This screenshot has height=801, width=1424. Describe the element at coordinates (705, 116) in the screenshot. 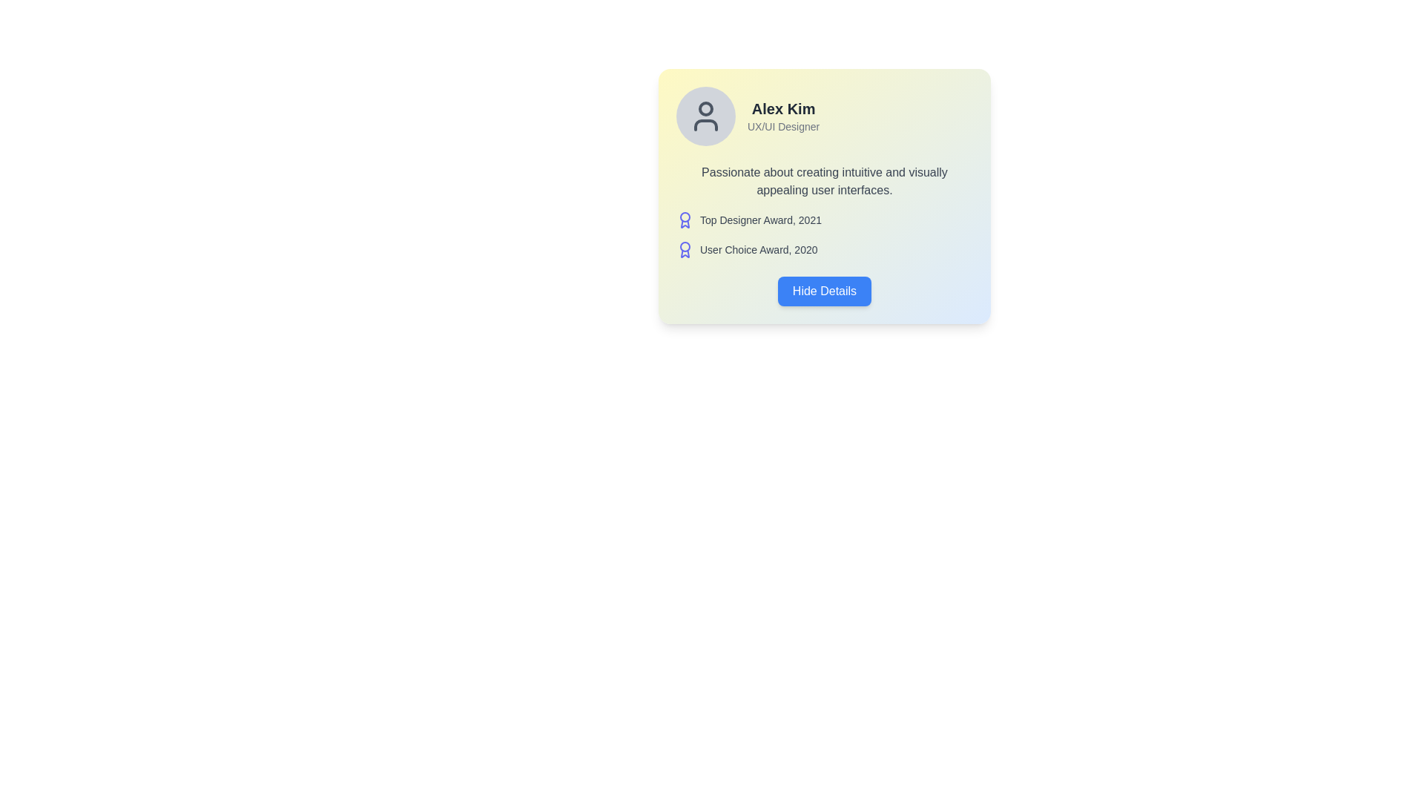

I see `the user profile icon located in the top-left section of the rectangular card` at that location.